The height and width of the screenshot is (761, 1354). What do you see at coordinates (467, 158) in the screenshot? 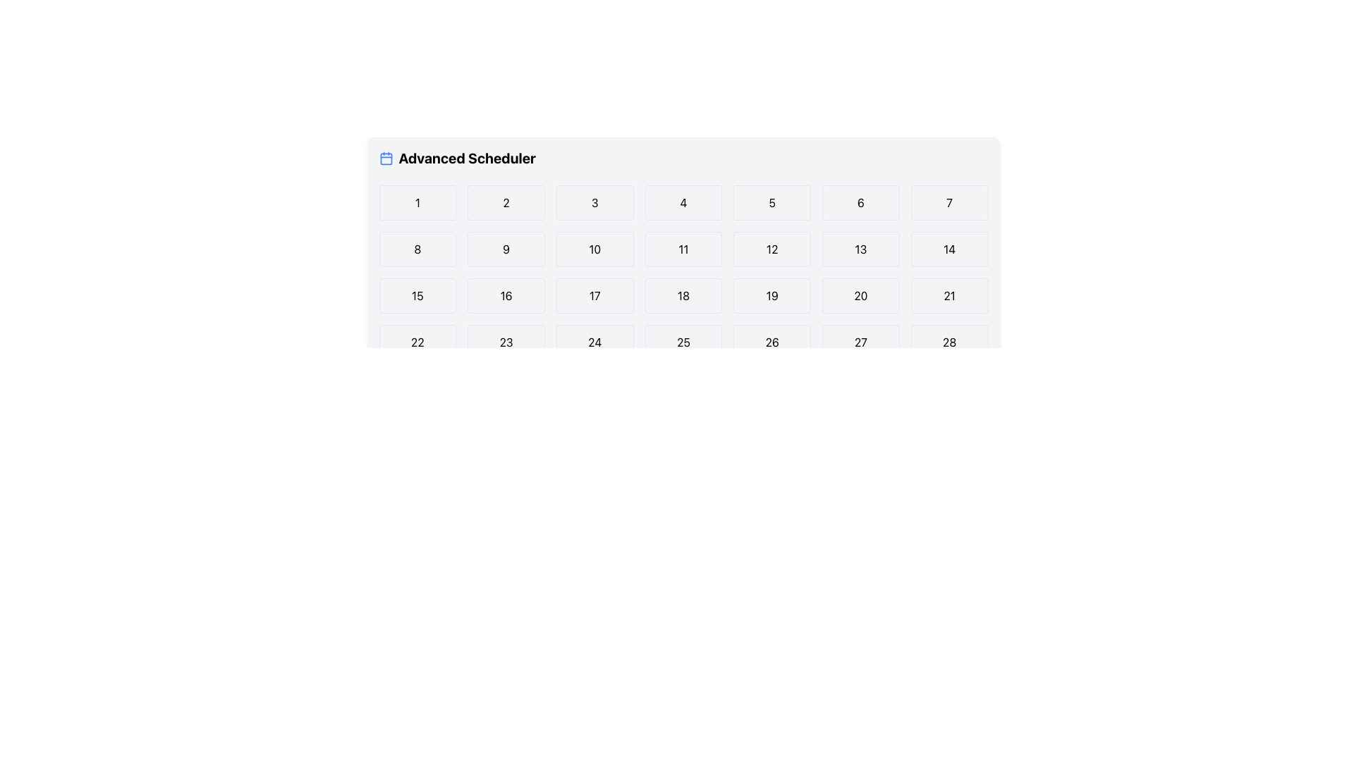
I see `the 'Advanced Scheduler' text label, which is bold and black in a large font, located near the top of the calendar interface, to the right of the calendar icon` at bounding box center [467, 158].